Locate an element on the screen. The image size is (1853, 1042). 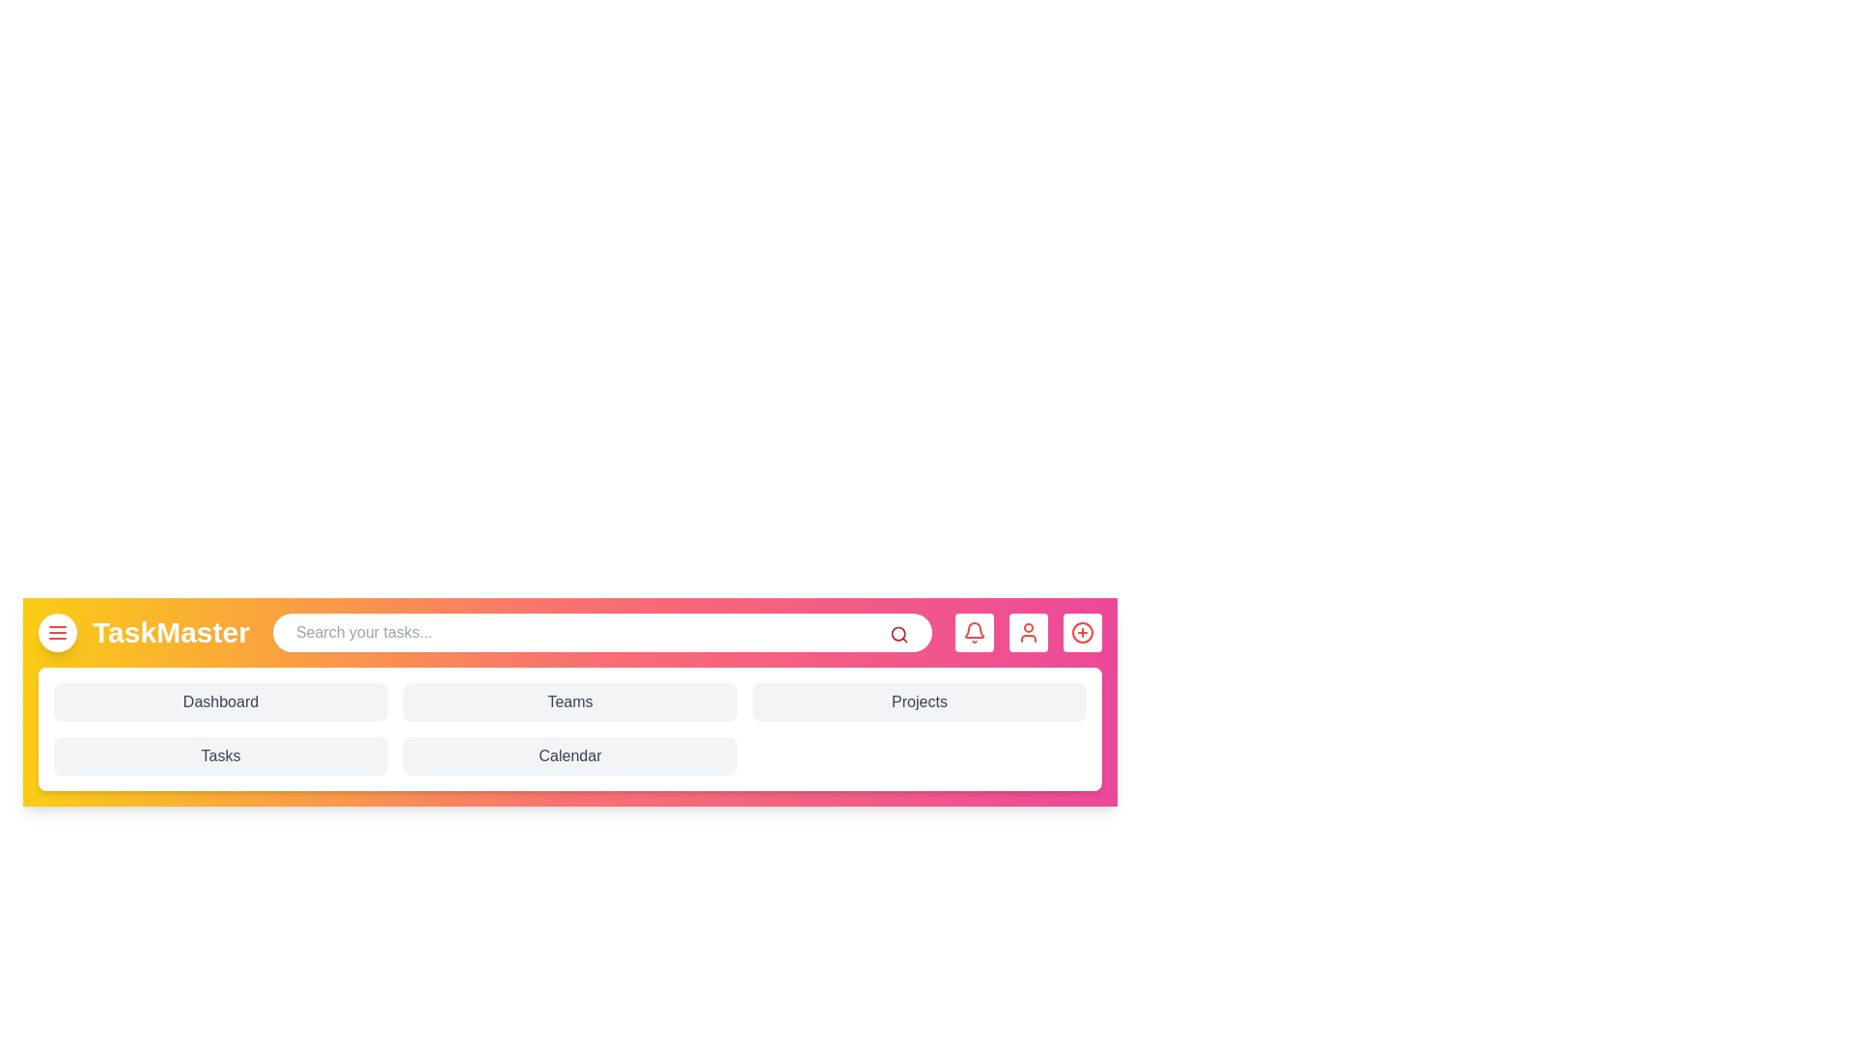
the plus icon to add a new item is located at coordinates (1083, 632).